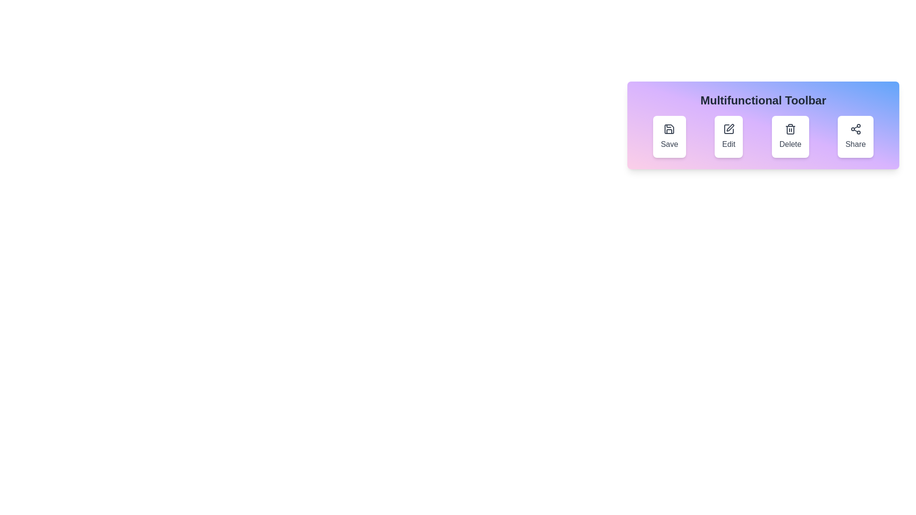 This screenshot has height=515, width=916. I want to click on the edit icon located at the top-center of the 'Edit' button in the toolbar, so click(728, 129).